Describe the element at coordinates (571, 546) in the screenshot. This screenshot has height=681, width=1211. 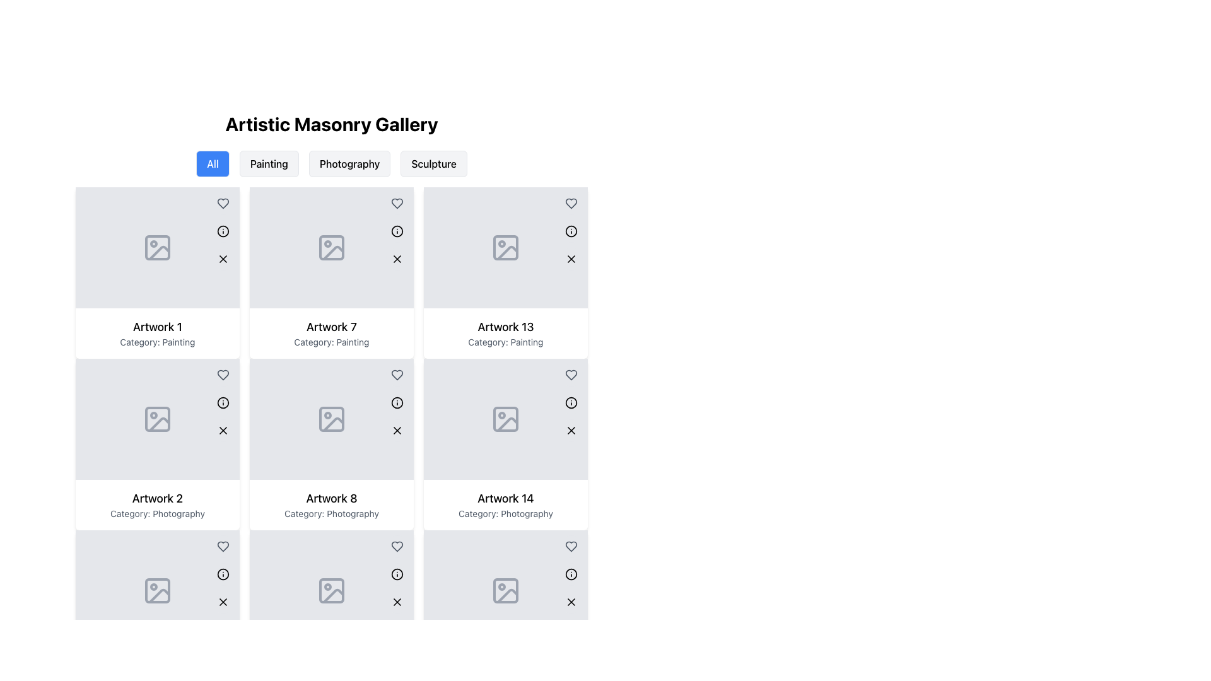
I see `the heart icon in the upper-right corner of the card labeled 'Artwork 14, Category: Photography'` at that location.